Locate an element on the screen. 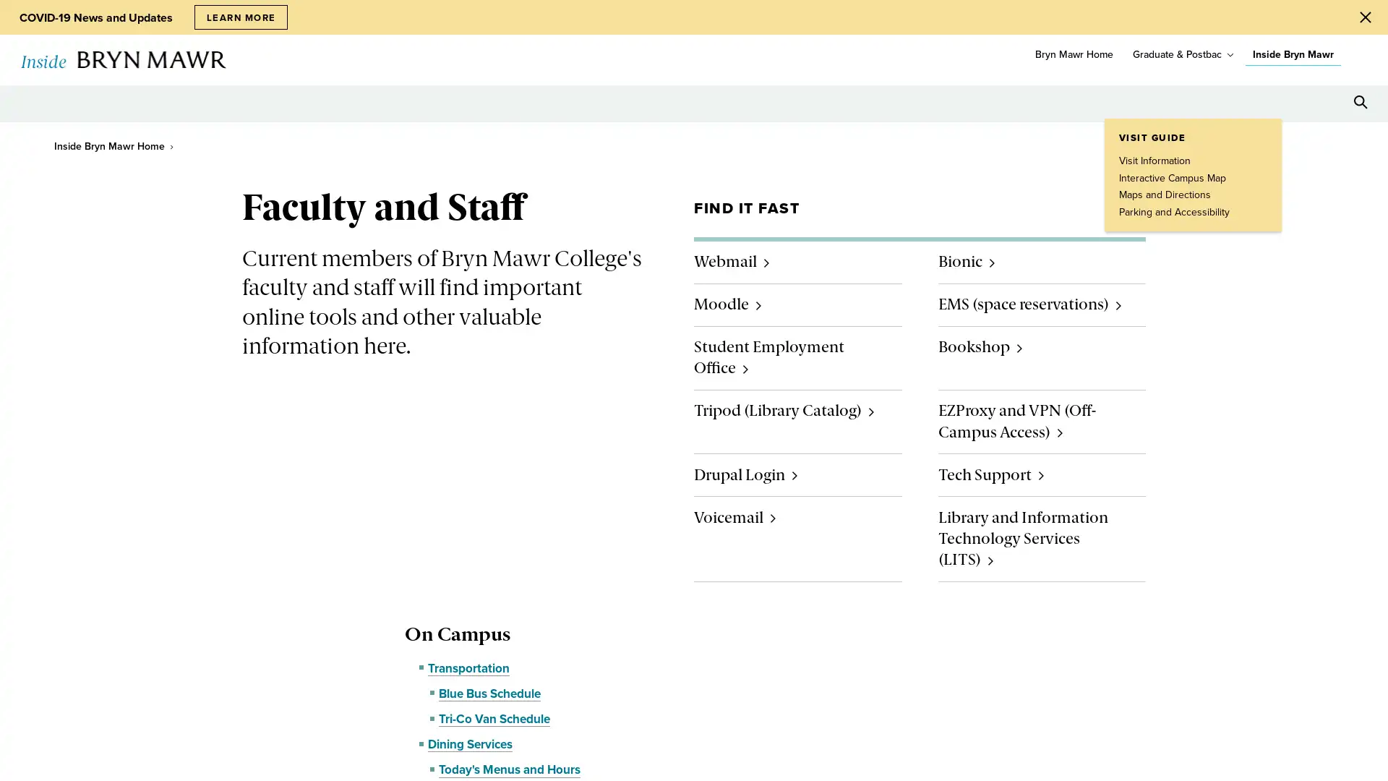  Open Tools menu is located at coordinates (1288, 101).